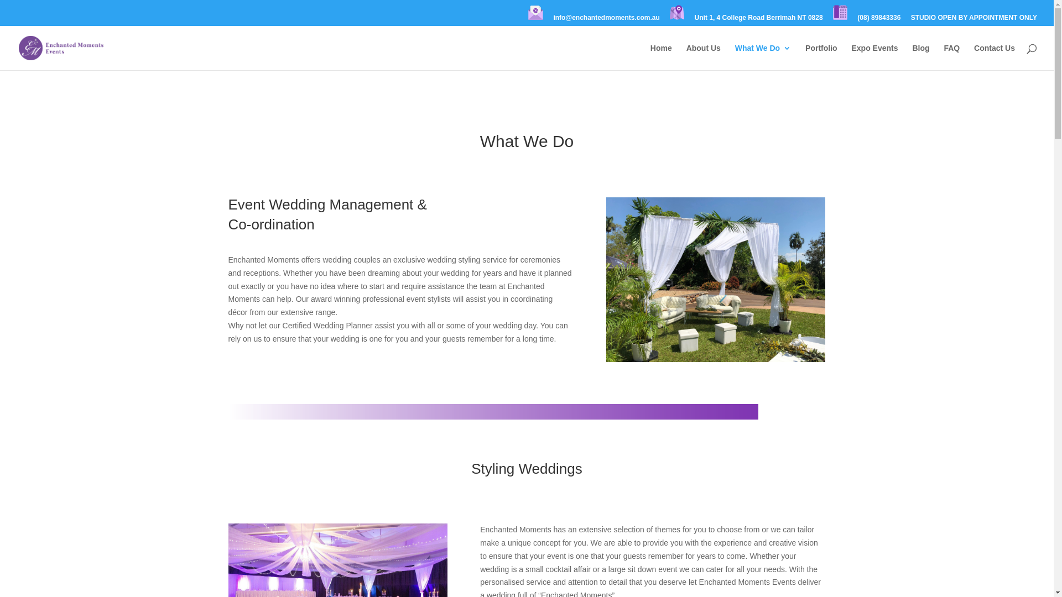 The image size is (1062, 597). I want to click on 'What We Do', so click(735, 57).